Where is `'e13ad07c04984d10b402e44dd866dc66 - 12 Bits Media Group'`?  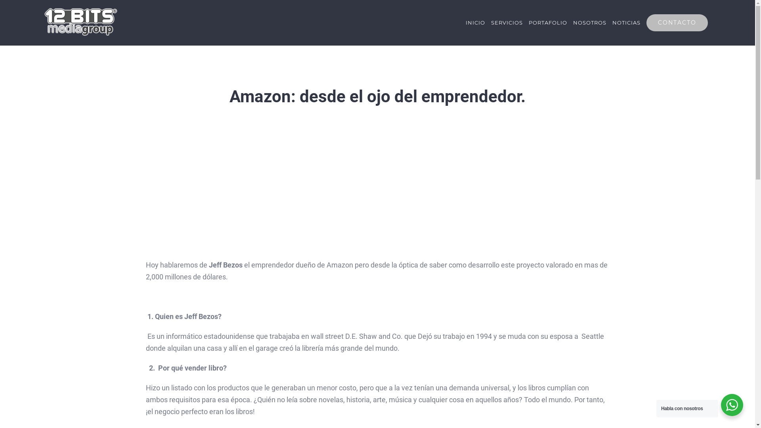
'e13ad07c04984d10b402e44dd866dc66 - 12 Bits Media Group' is located at coordinates (377, 188).